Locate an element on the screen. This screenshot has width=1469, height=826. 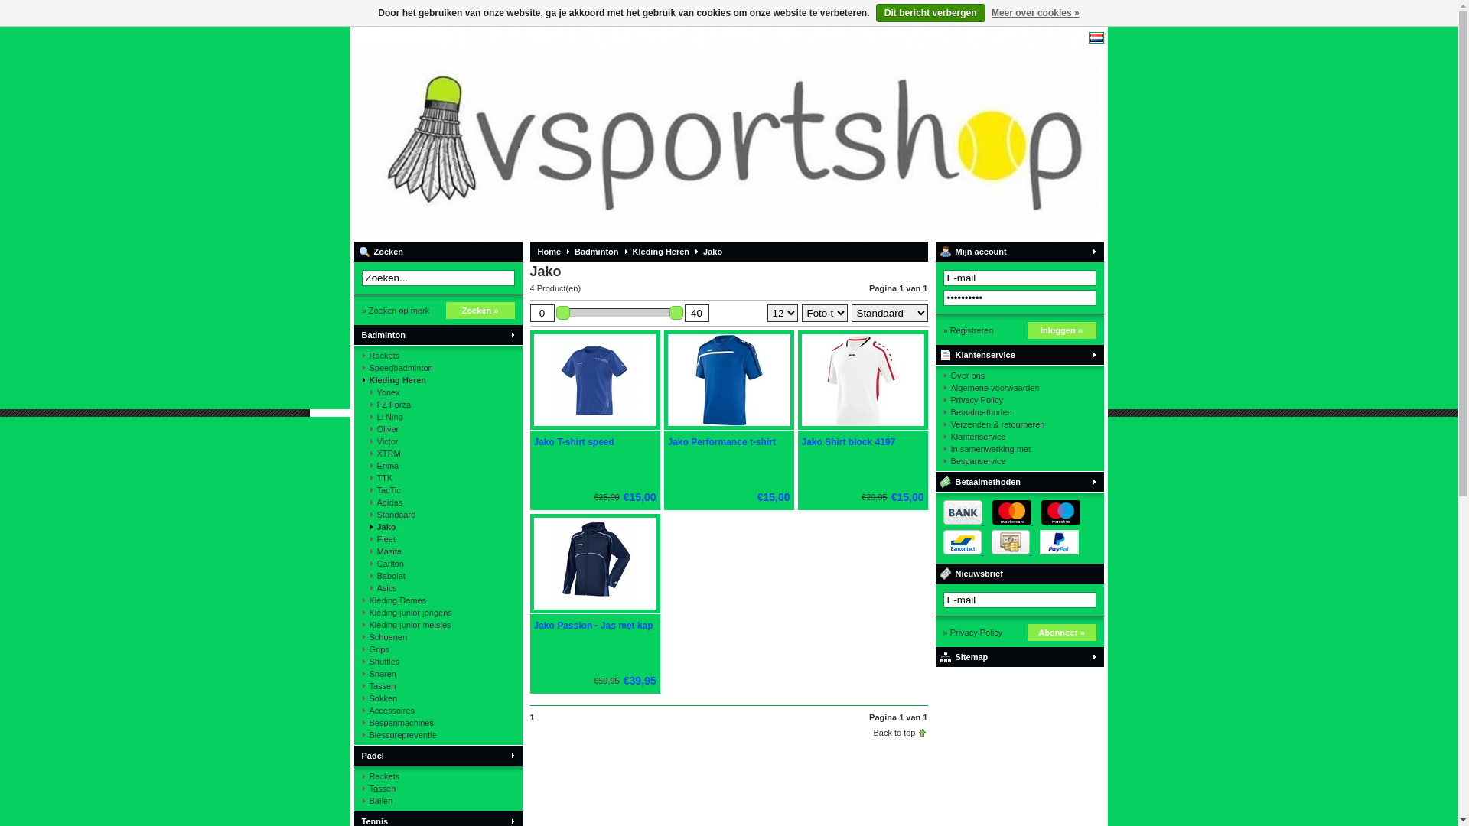
'XTRM' is located at coordinates (436, 453).